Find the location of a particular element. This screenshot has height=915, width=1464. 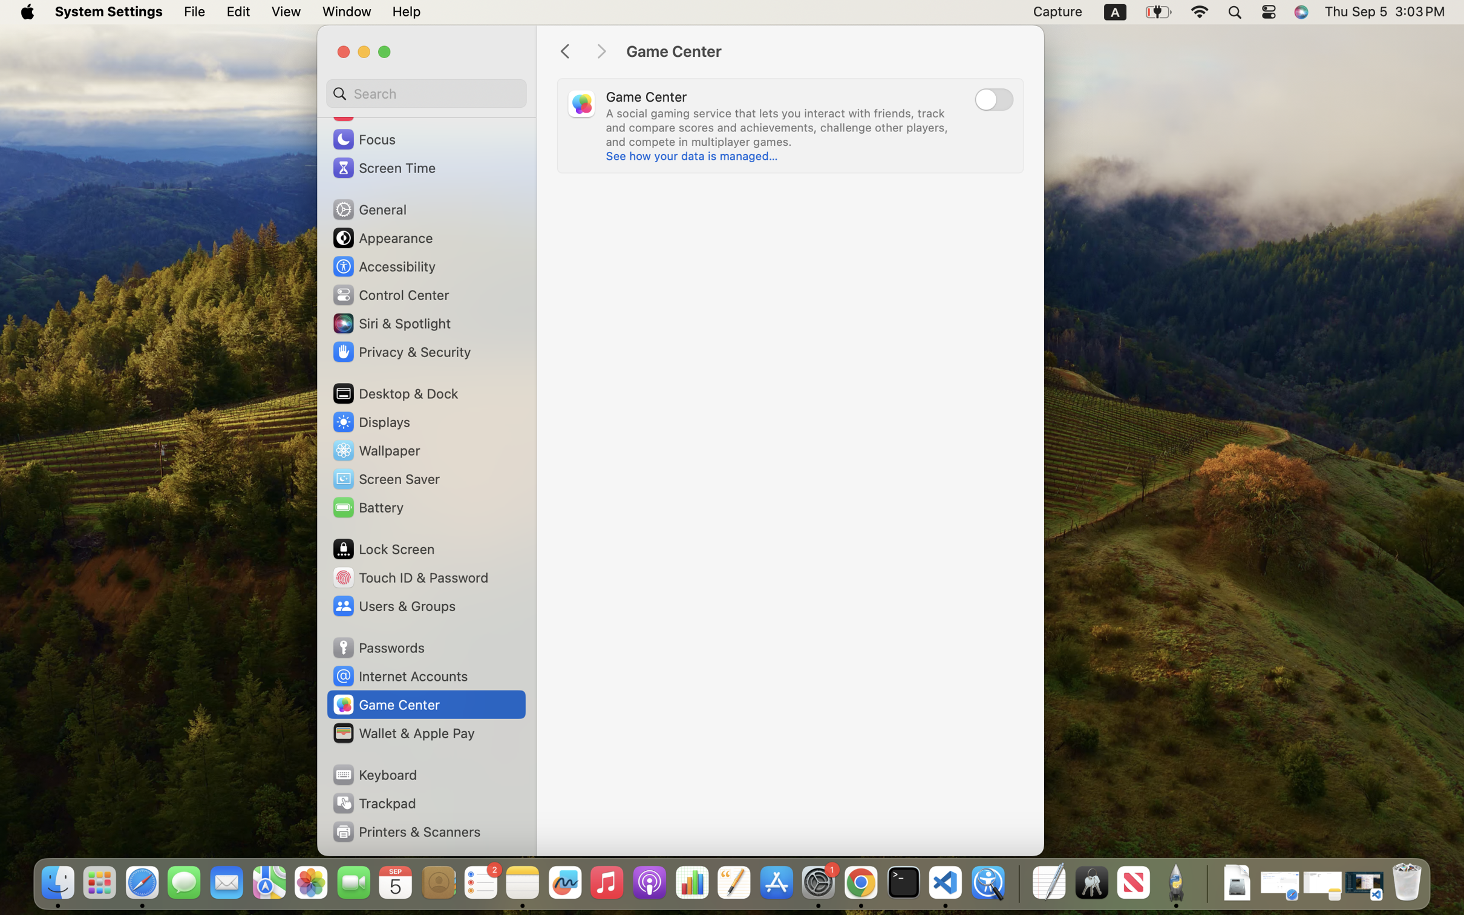

'Trackpad' is located at coordinates (373, 802).